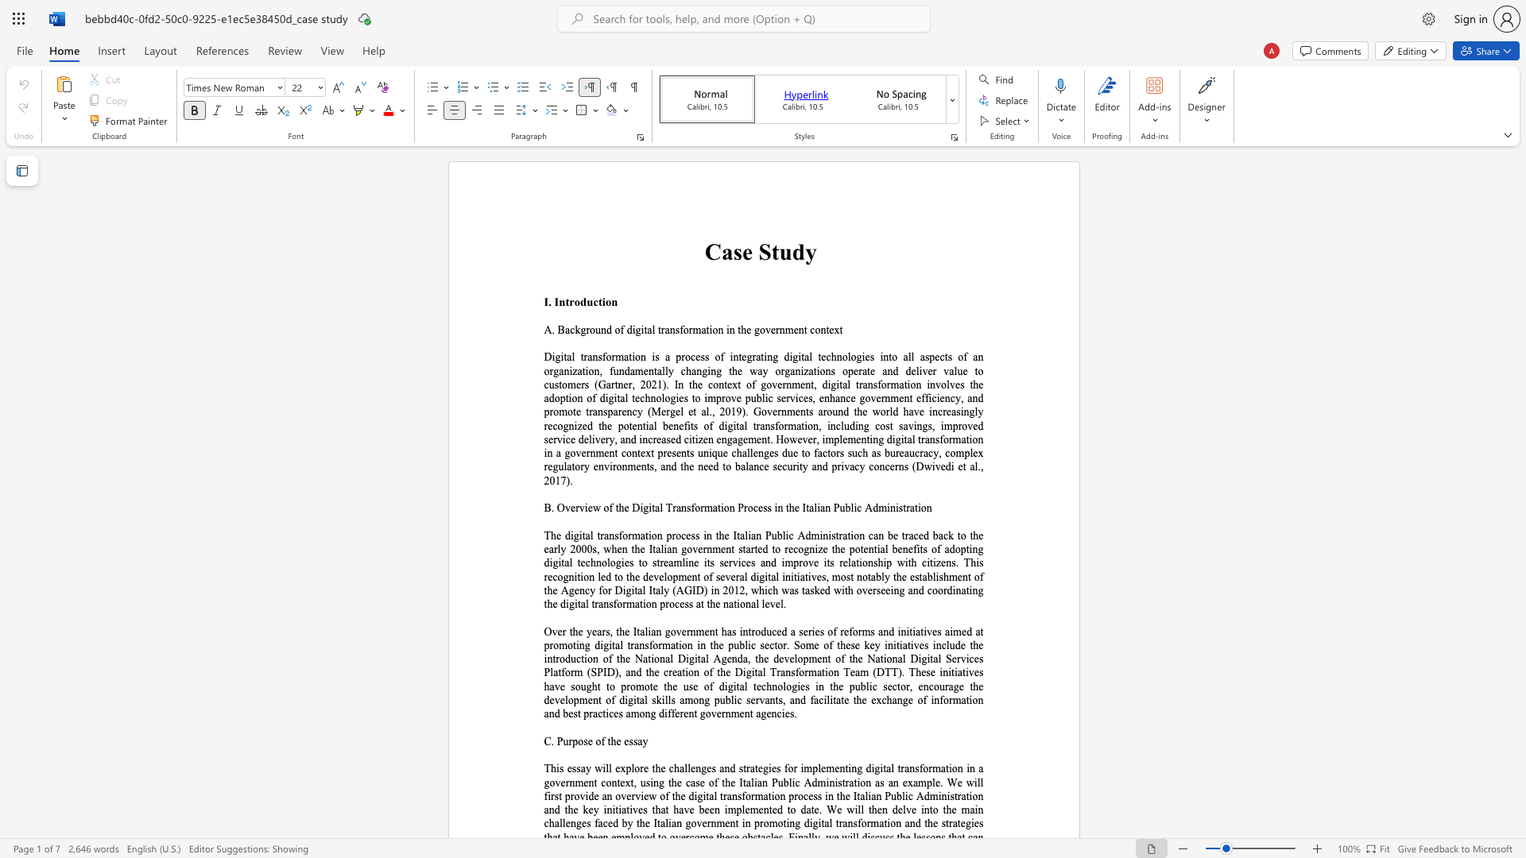 The width and height of the screenshot is (1526, 858). What do you see at coordinates (700, 604) in the screenshot?
I see `the subset text "t th" within the text "on process at the national level."` at bounding box center [700, 604].